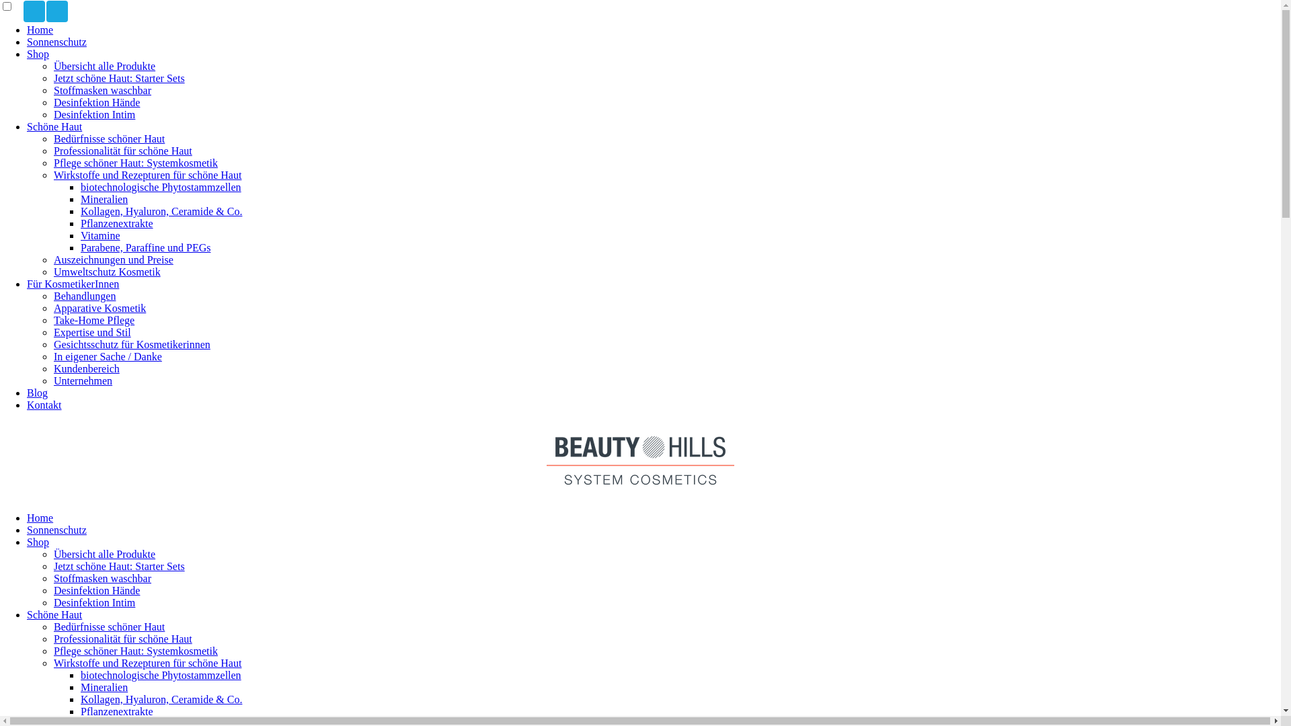  Describe the element at coordinates (93, 320) in the screenshot. I see `'Take-Home Pflege'` at that location.